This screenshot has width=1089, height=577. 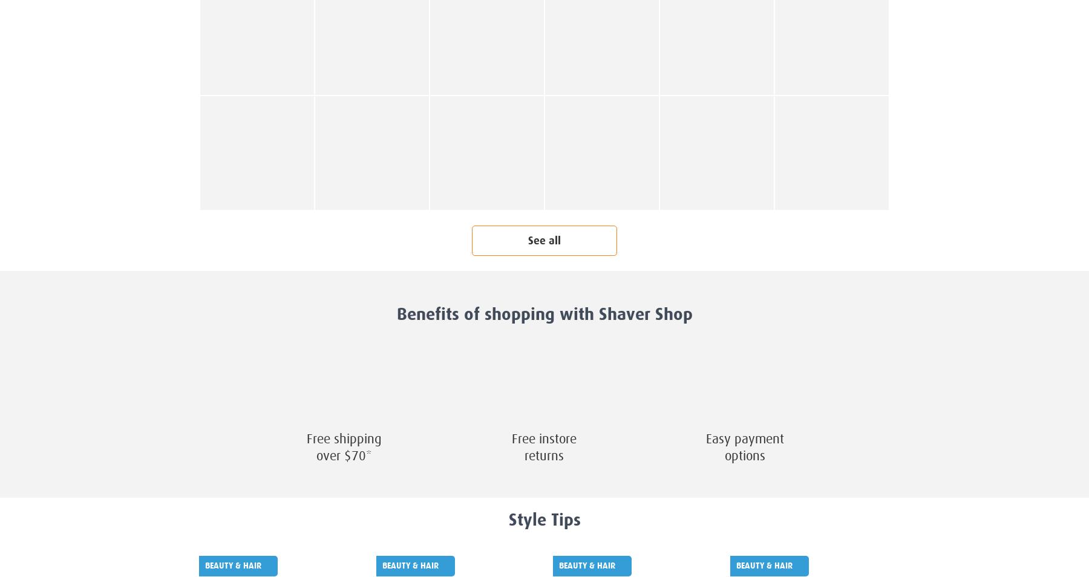 What do you see at coordinates (744, 438) in the screenshot?
I see `'Easy payment'` at bounding box center [744, 438].